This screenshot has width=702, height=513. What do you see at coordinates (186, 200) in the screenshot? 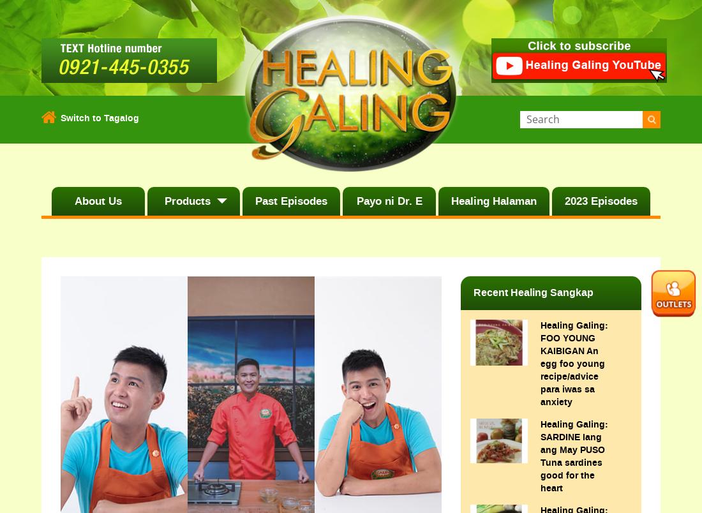
I see `'Products'` at bounding box center [186, 200].